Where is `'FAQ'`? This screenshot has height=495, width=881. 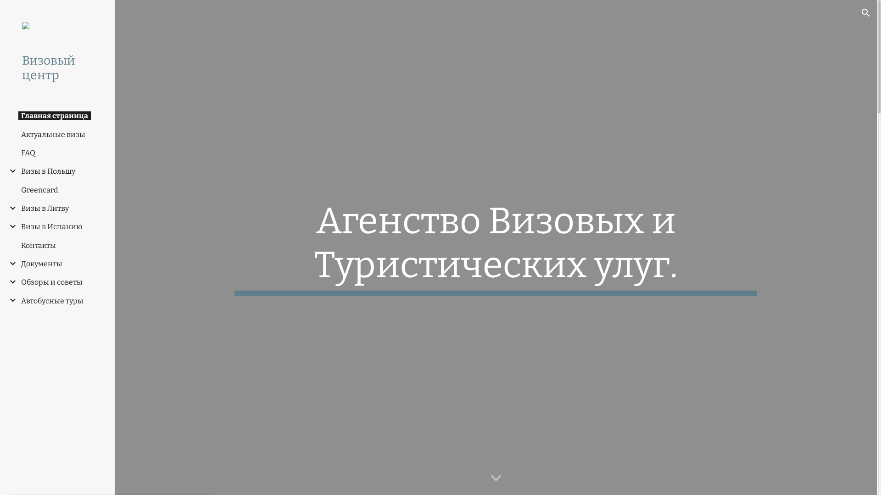 'FAQ' is located at coordinates (28, 152).